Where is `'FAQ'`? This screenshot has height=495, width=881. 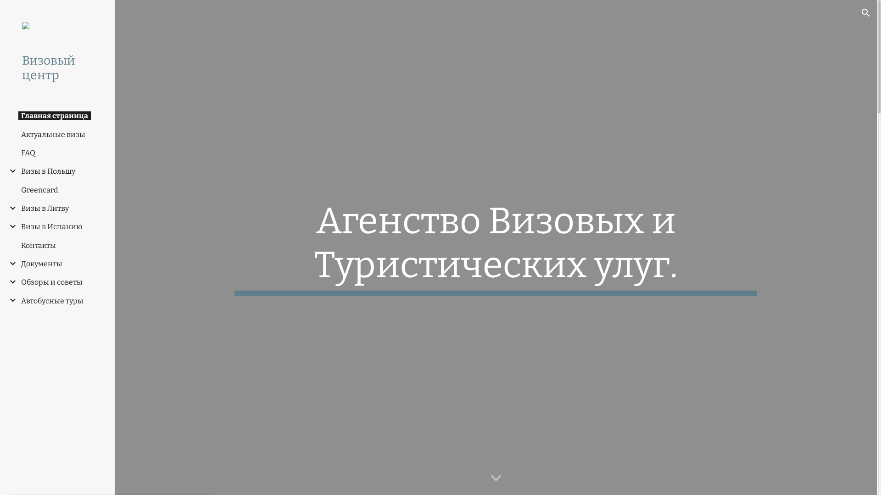 'FAQ' is located at coordinates (28, 152).